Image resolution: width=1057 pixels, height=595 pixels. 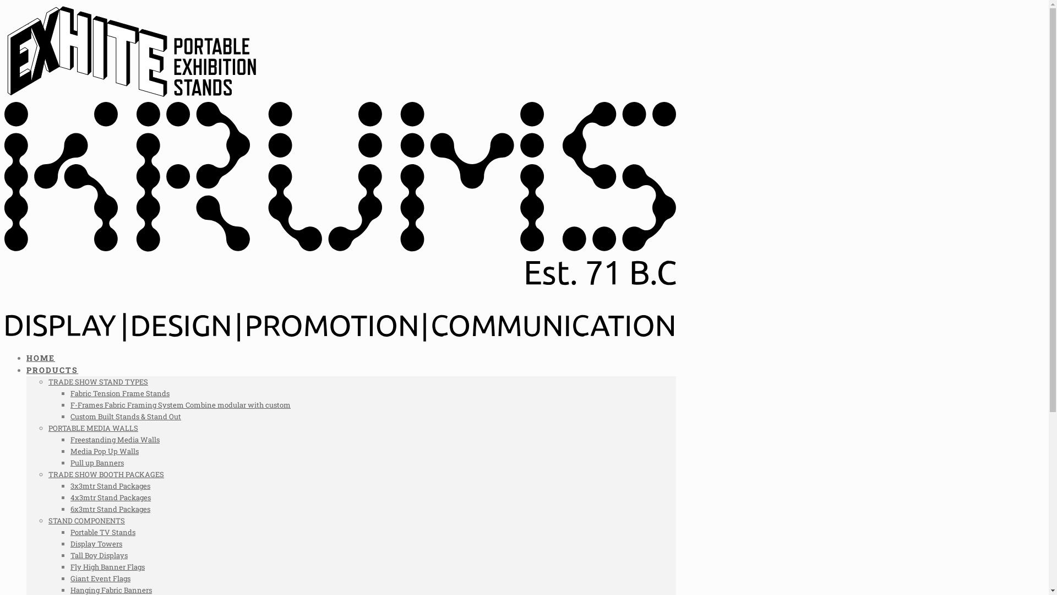 I want to click on '4x3mtr Stand Packages', so click(x=111, y=497).